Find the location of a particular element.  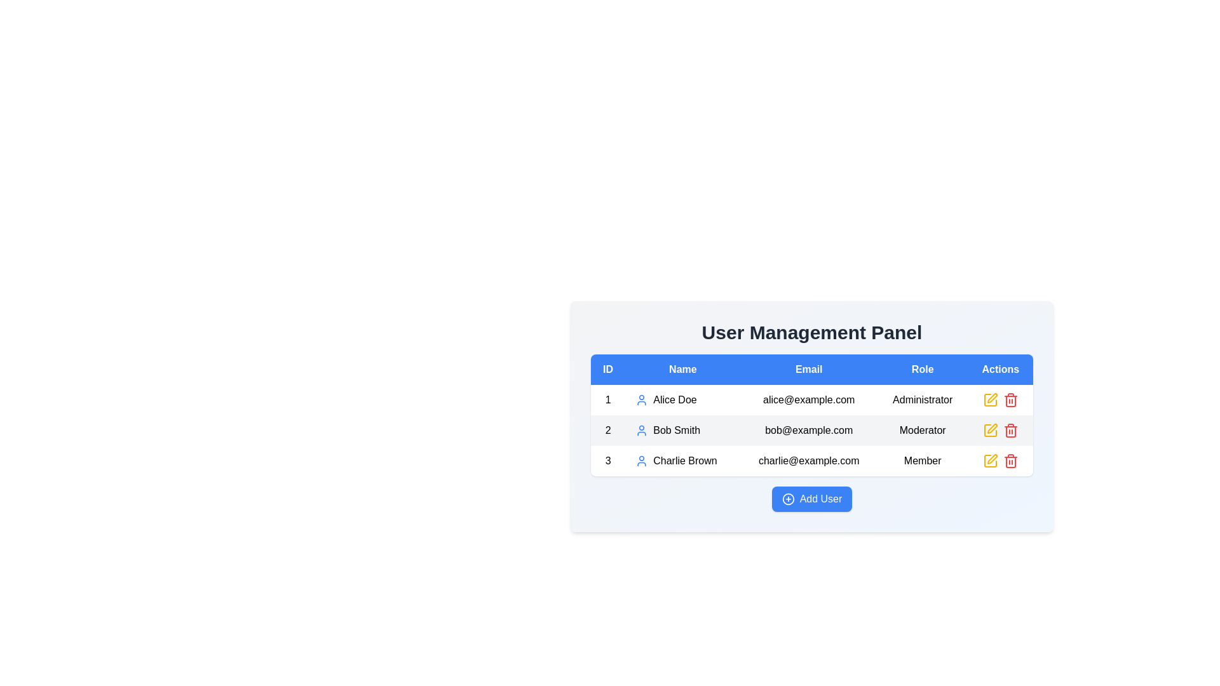

the body of the trash can icon representing the delete action for the second user, 'Bob Smith', located in the Actions column of the user management table is located at coordinates (1010, 431).